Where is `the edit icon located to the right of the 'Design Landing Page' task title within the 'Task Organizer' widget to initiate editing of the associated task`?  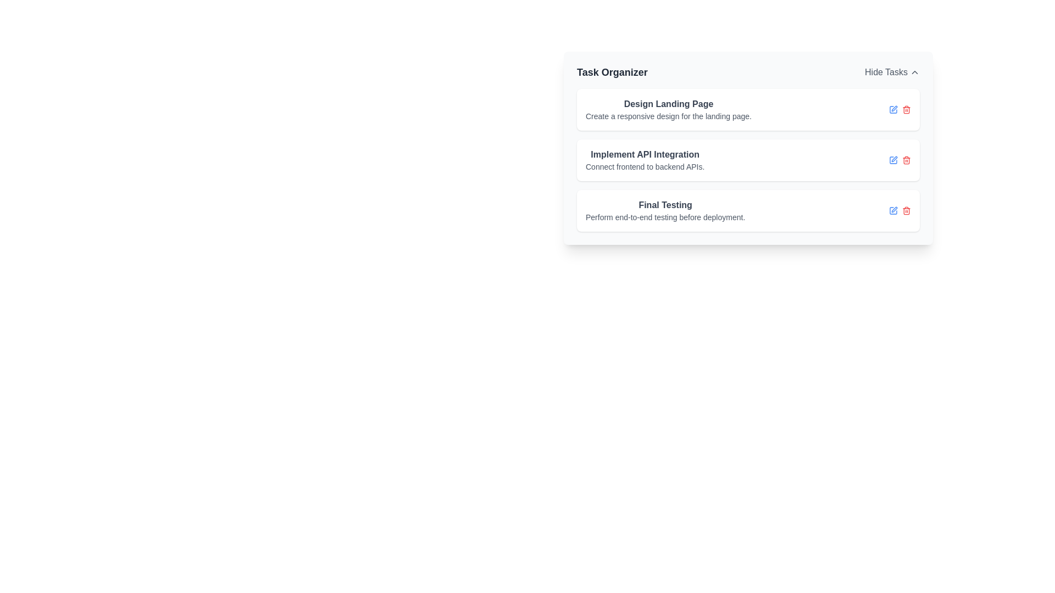 the edit icon located to the right of the 'Design Landing Page' task title within the 'Task Organizer' widget to initiate editing of the associated task is located at coordinates (894, 108).